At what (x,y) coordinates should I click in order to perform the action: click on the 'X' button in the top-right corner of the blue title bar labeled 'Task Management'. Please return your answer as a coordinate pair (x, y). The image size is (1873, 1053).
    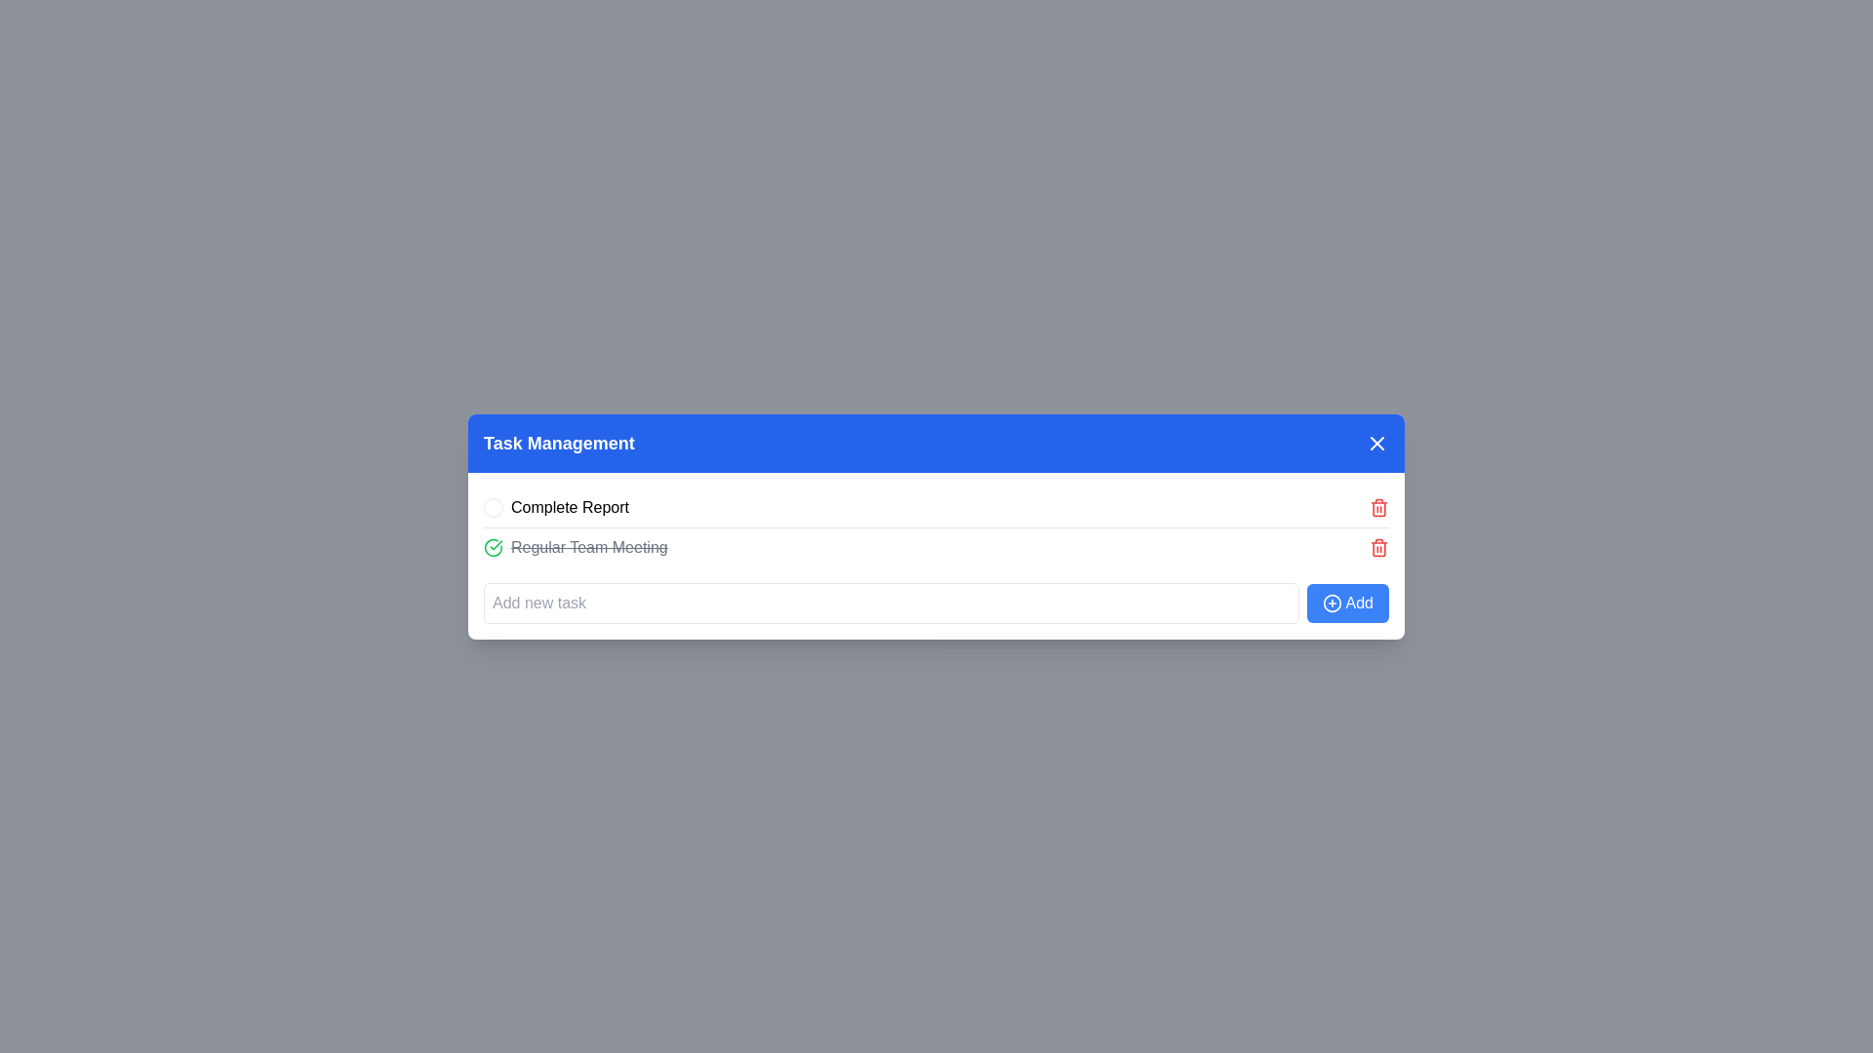
    Looking at the image, I should click on (1375, 443).